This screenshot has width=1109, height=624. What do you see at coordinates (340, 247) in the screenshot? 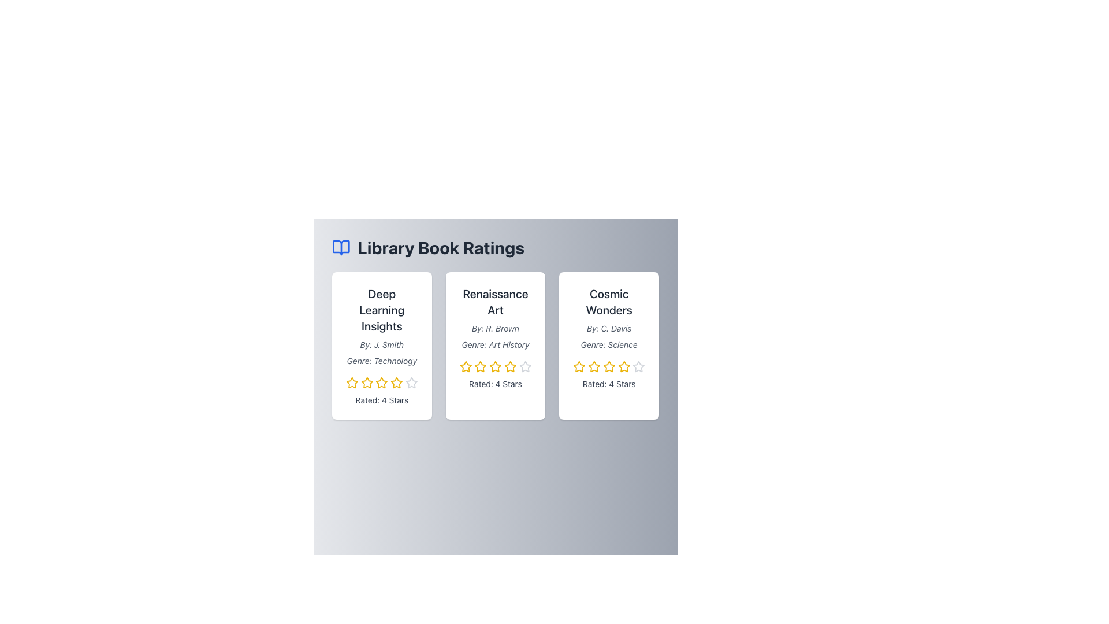
I see `the blue outlined book icon with a white background that represents an open book, located to the left of the text 'Library Book Ratings'` at bounding box center [340, 247].